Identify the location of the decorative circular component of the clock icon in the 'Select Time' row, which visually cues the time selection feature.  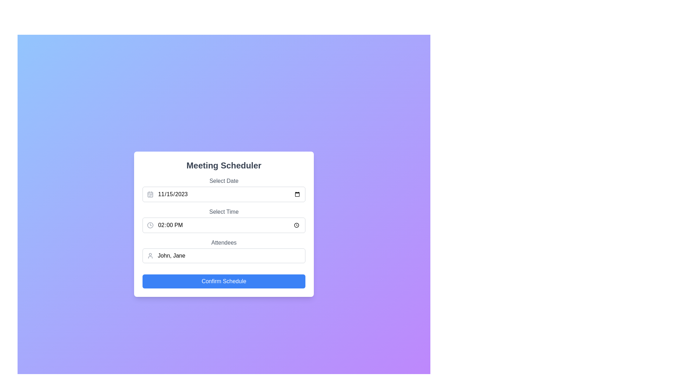
(150, 225).